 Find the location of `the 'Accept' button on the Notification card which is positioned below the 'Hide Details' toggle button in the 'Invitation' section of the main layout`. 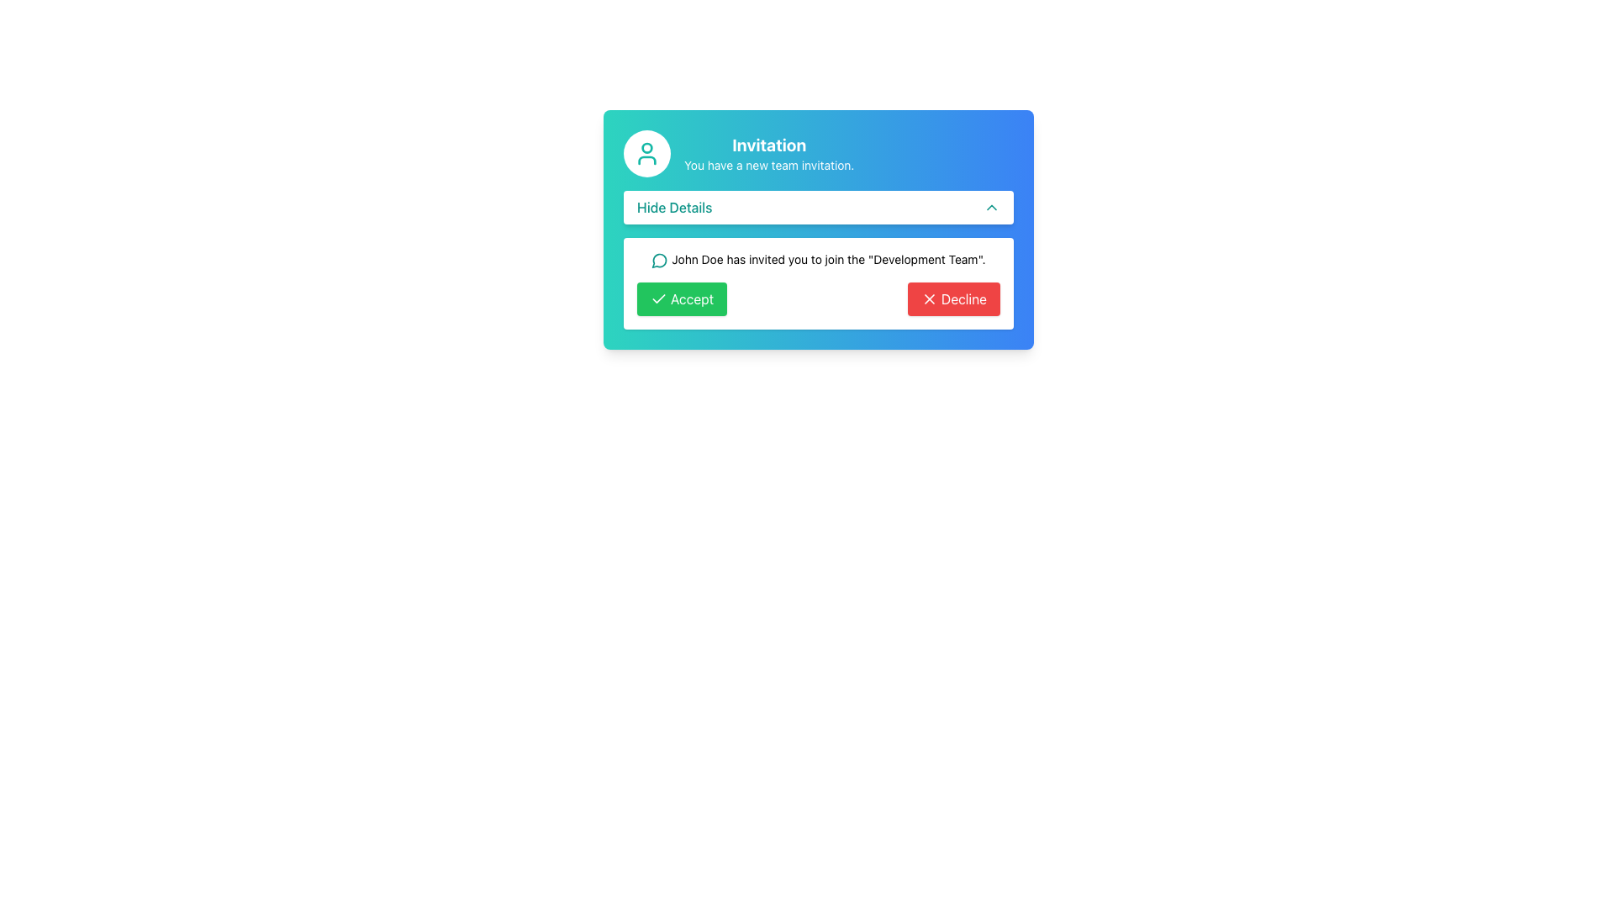

the 'Accept' button on the Notification card which is positioned below the 'Hide Details' toggle button in the 'Invitation' section of the main layout is located at coordinates (819, 282).